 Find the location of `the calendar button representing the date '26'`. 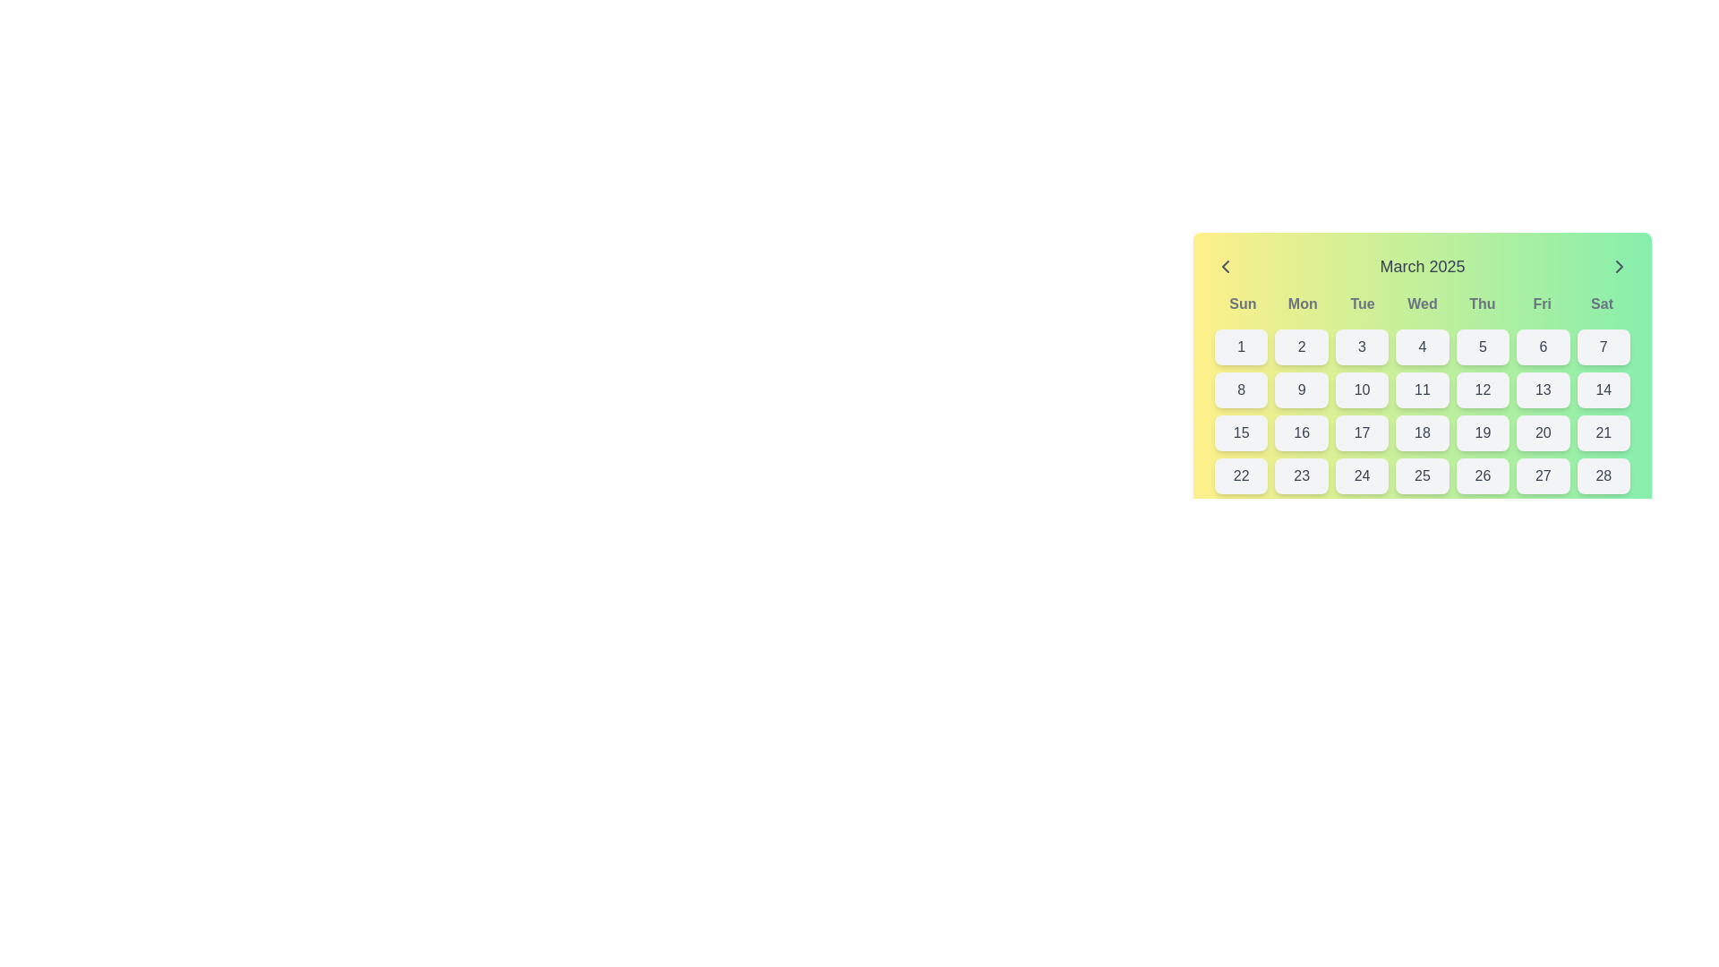

the calendar button representing the date '26' is located at coordinates (1483, 475).